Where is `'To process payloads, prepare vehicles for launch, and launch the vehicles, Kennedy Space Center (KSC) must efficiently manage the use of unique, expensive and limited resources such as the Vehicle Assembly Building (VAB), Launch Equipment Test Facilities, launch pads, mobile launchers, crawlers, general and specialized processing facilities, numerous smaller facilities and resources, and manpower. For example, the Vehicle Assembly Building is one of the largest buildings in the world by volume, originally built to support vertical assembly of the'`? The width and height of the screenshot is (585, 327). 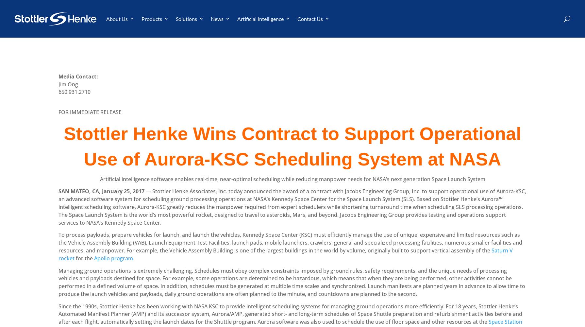 'To process payloads, prepare vehicles for launch, and launch the vehicles, Kennedy Space Center (KSC) must efficiently manage the use of unique, expensive and limited resources such as the Vehicle Assembly Building (VAB), Launch Equipment Test Facilities, launch pads, mobile launchers, crawlers, general and specialized processing facilities, numerous smaller facilities and resources, and manpower. For example, the Vehicle Assembly Building is one of the largest buildings in the world by volume, originally built to support vertical assembly of the' is located at coordinates (290, 242).